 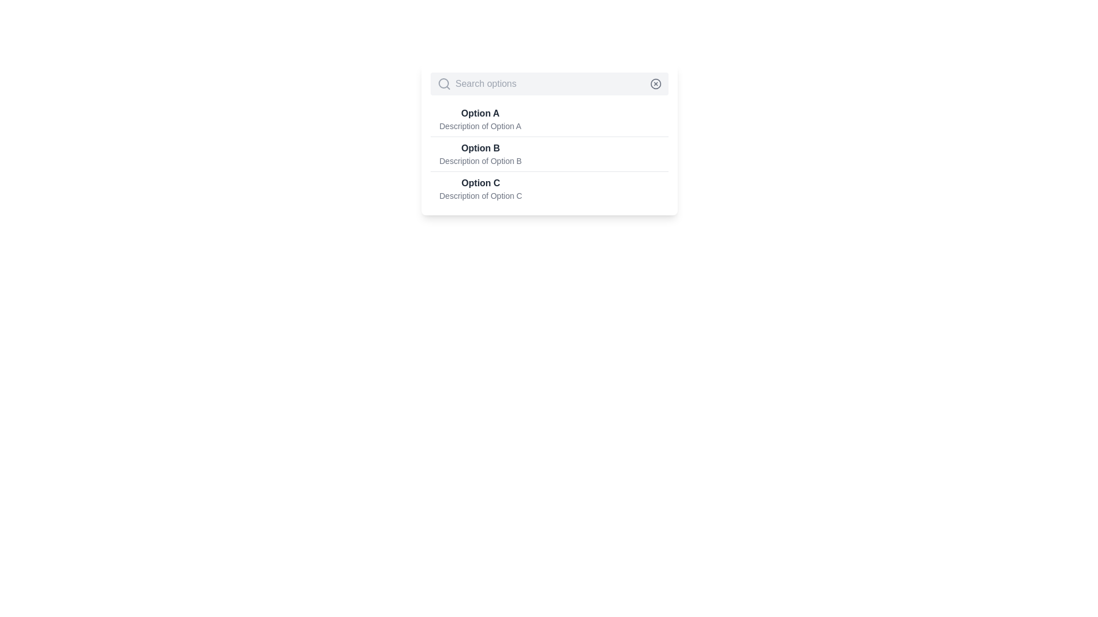 What do you see at coordinates (655, 83) in the screenshot?
I see `the circular close button, which is styled gray and changes to red on hover, located at the far right of the search bar` at bounding box center [655, 83].